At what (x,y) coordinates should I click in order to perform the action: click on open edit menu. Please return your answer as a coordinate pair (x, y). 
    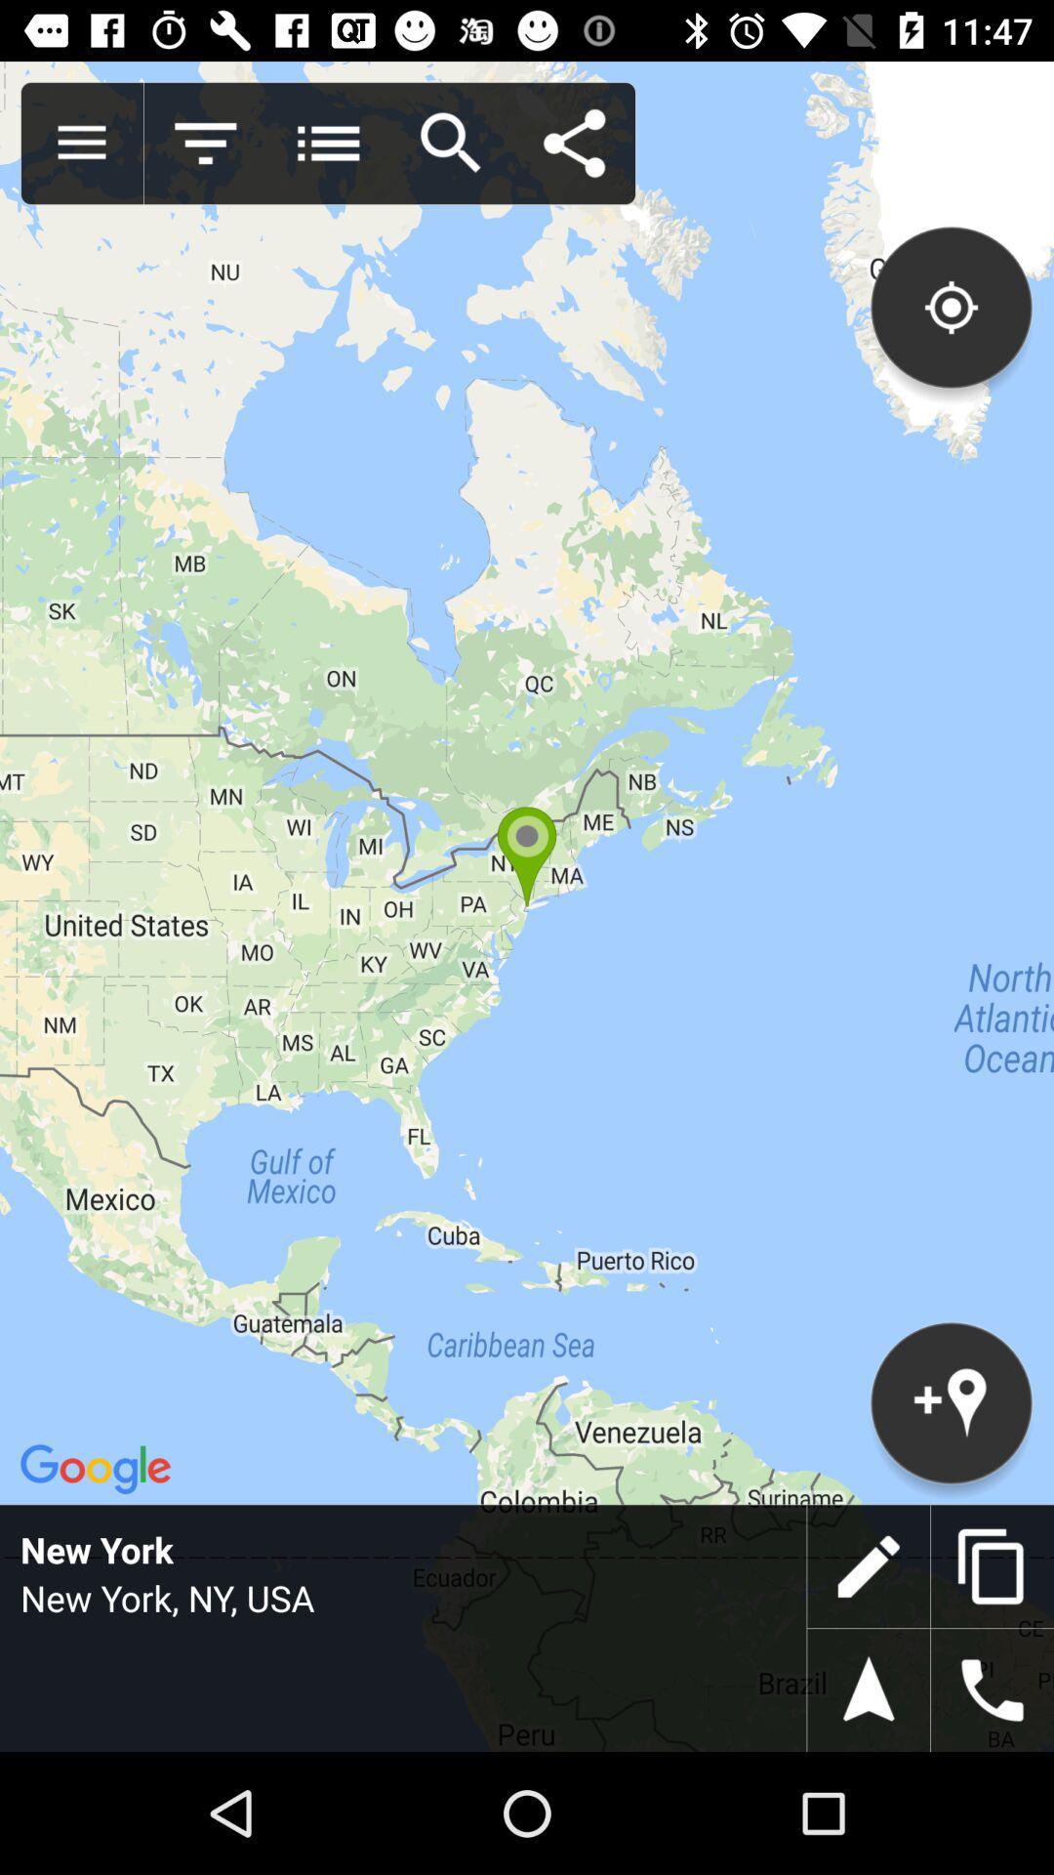
    Looking at the image, I should click on (868, 1566).